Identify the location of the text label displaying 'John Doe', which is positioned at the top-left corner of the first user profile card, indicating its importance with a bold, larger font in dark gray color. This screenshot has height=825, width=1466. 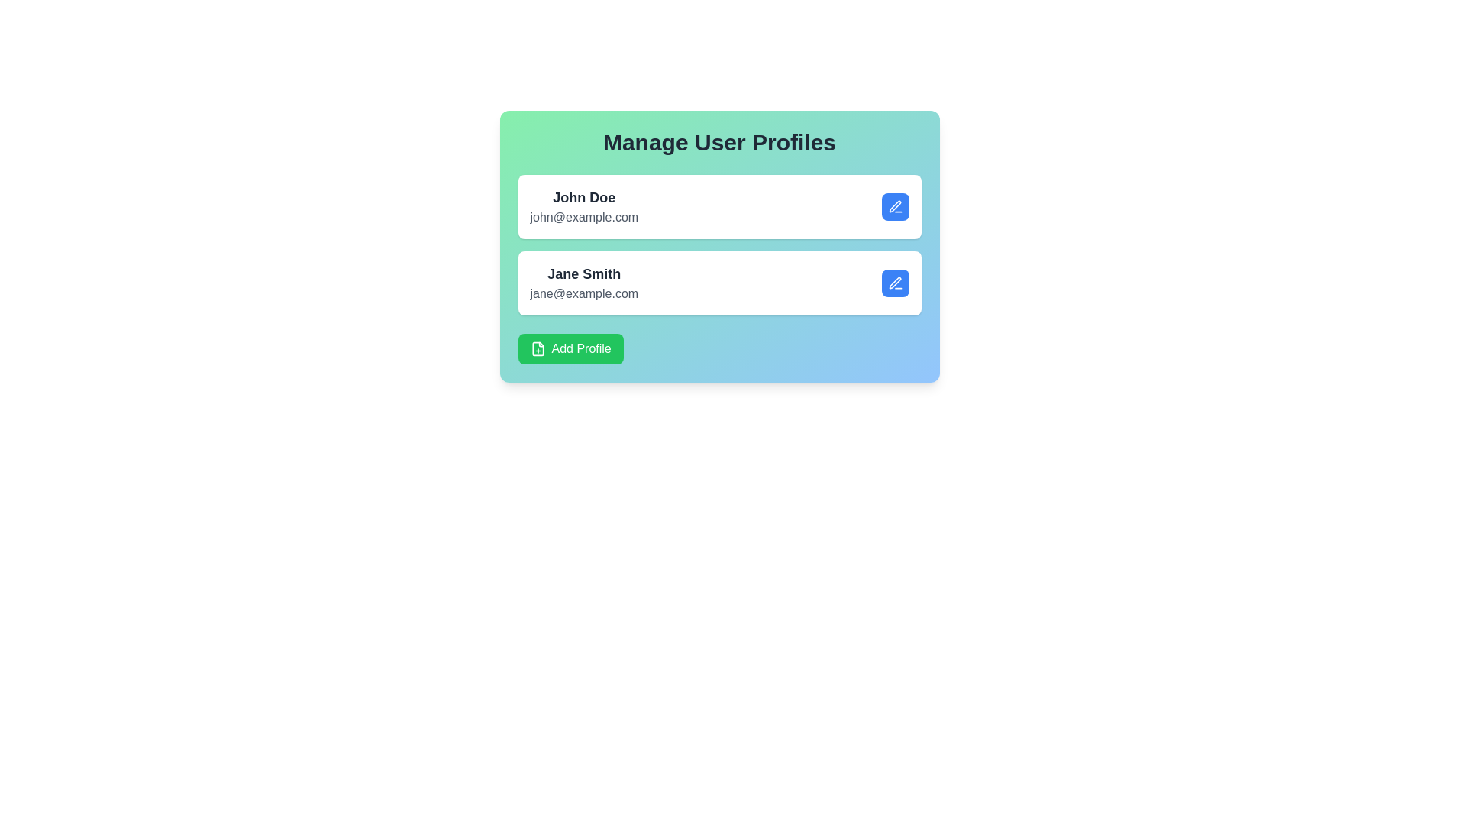
(583, 196).